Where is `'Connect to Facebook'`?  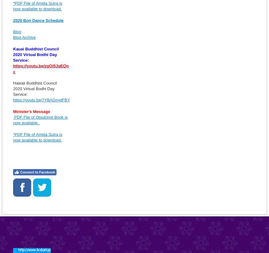
'Connect to Facebook' is located at coordinates (37, 172).